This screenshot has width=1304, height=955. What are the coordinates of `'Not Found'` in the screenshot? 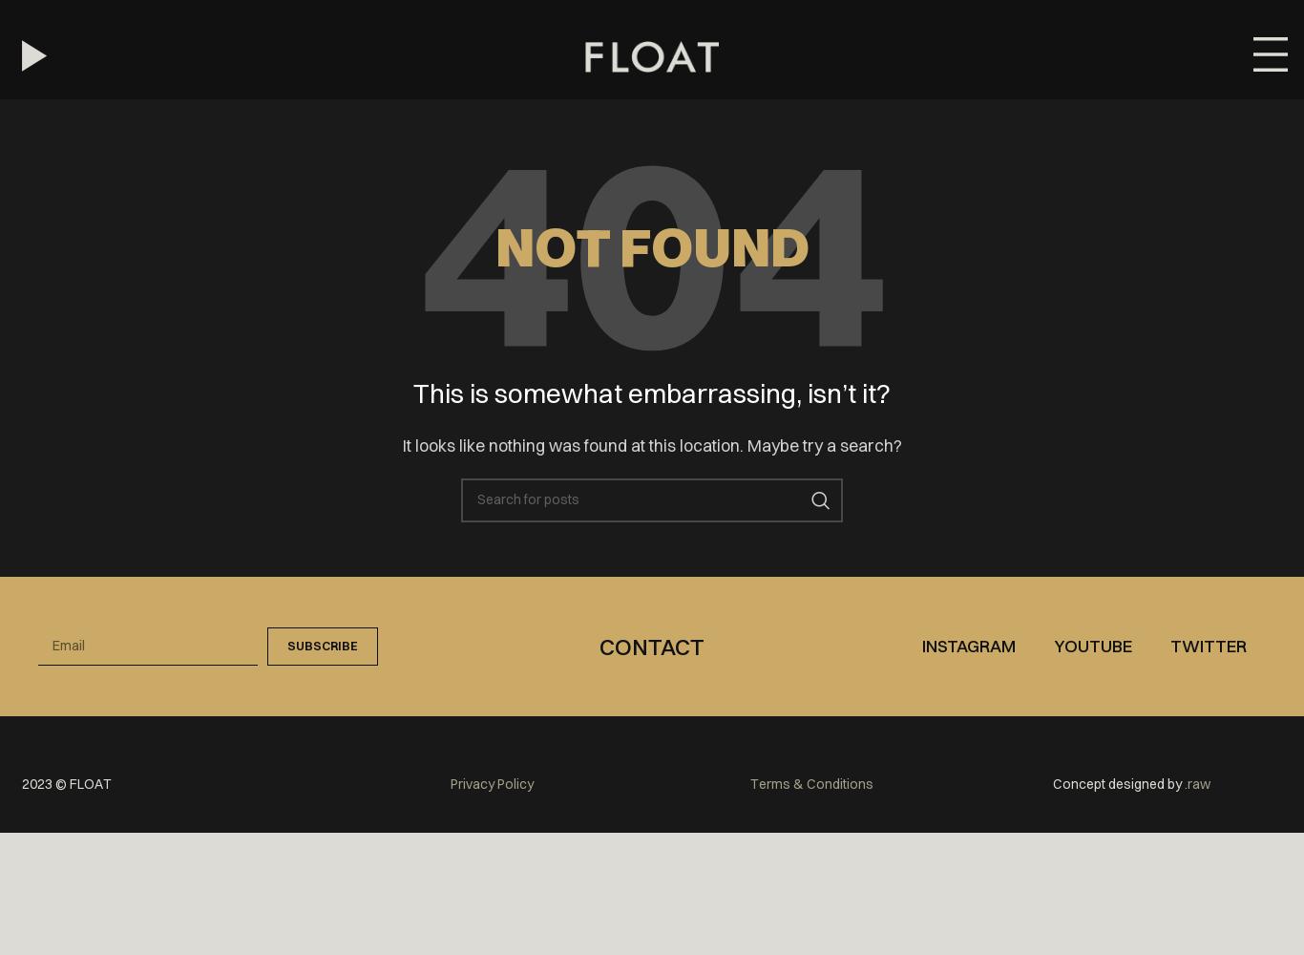 It's located at (650, 246).